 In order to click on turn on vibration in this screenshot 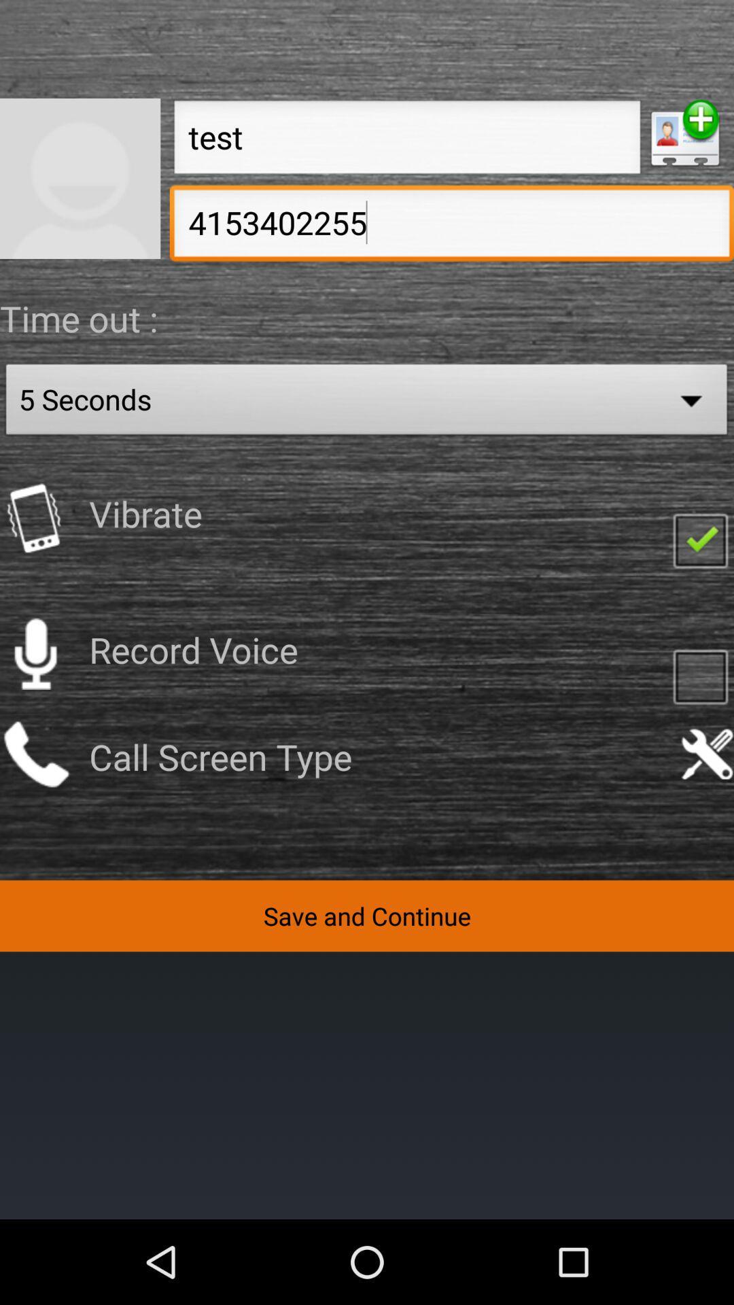, I will do `click(700, 539)`.